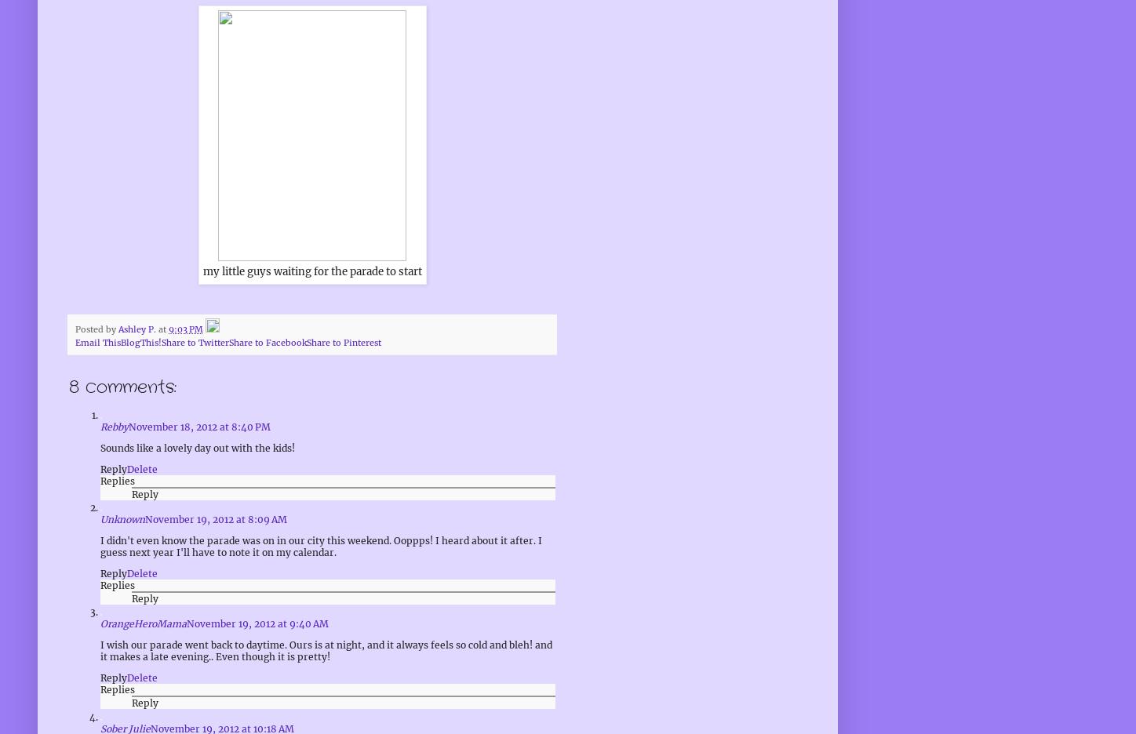 The width and height of the screenshot is (1136, 734). I want to click on 'Posted by', so click(75, 328).